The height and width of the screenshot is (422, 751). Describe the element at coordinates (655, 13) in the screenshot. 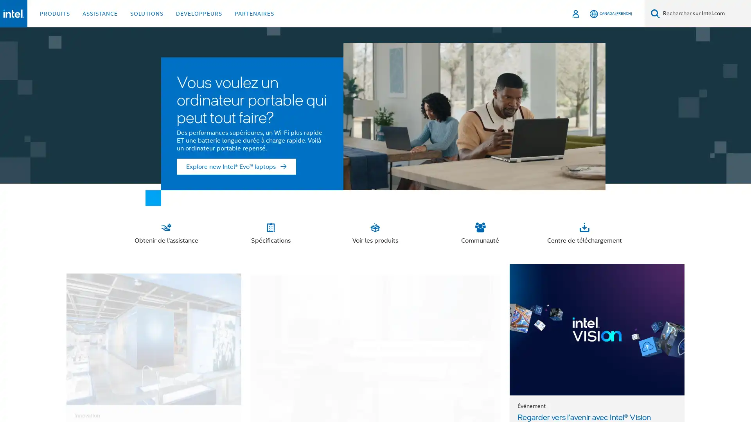

I see `Search` at that location.